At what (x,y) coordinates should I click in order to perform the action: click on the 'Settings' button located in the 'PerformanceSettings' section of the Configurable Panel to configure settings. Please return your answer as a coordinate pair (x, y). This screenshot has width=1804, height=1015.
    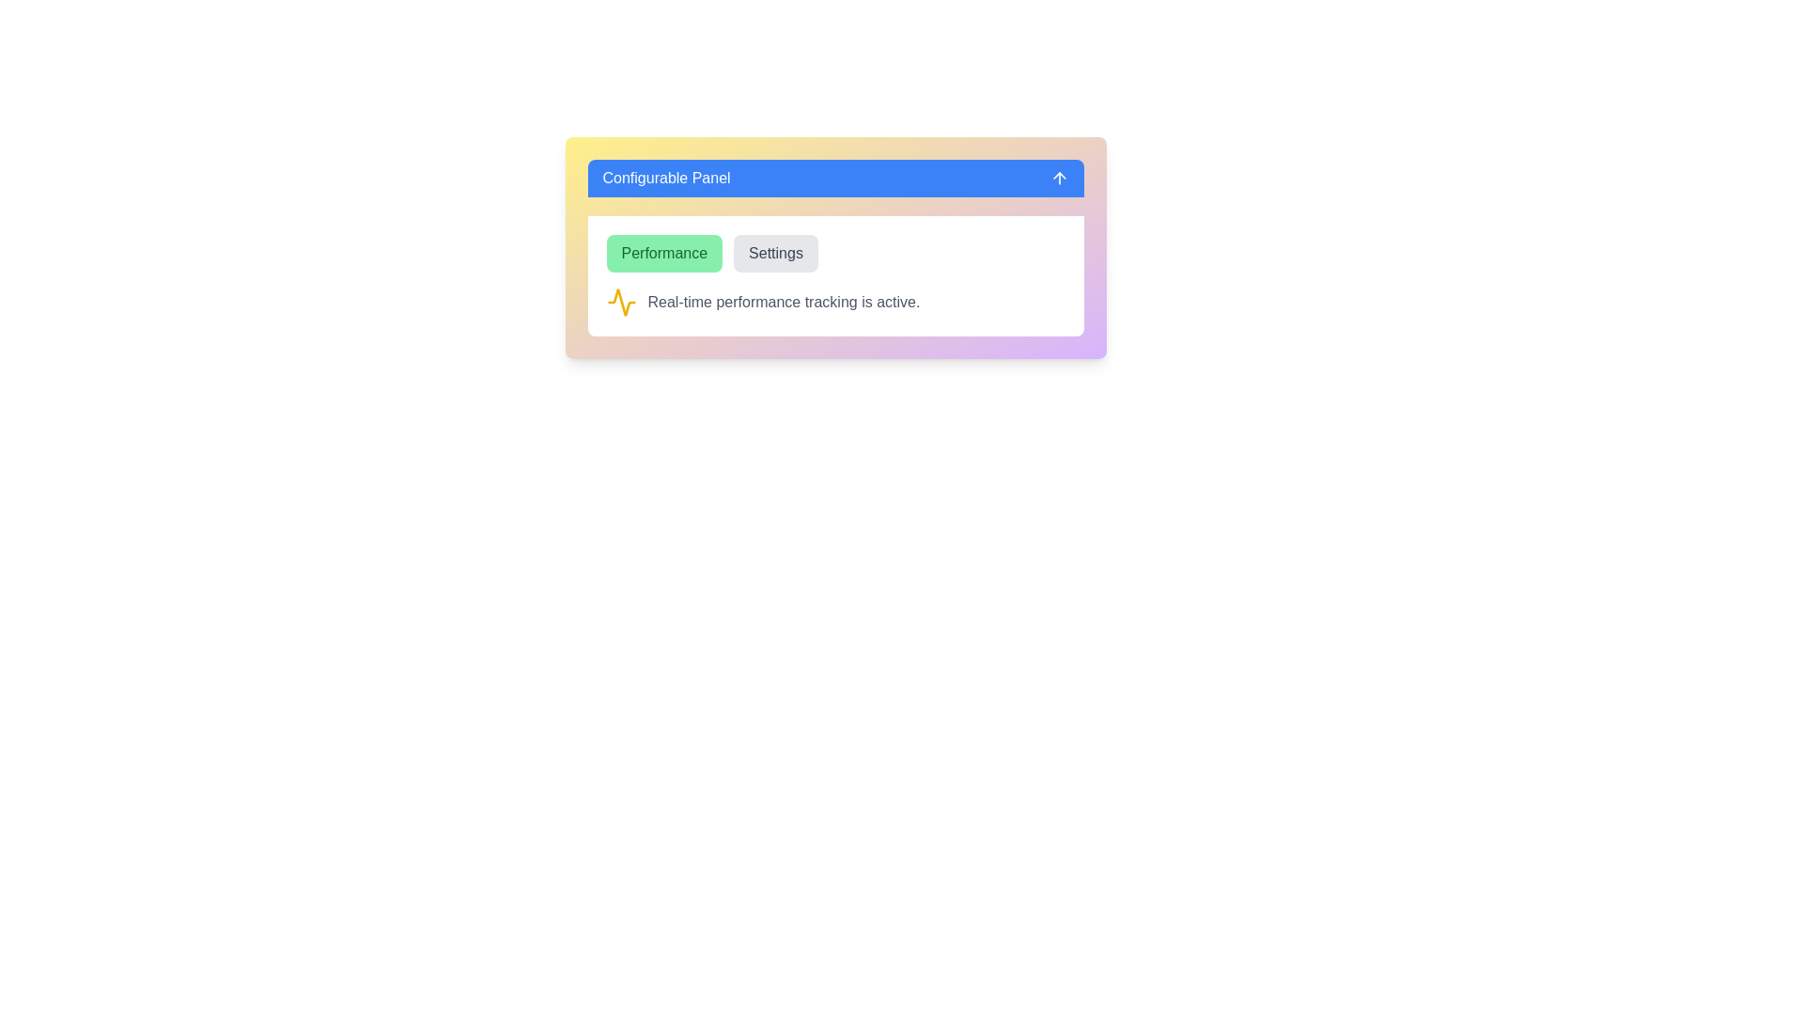
    Looking at the image, I should click on (834, 275).